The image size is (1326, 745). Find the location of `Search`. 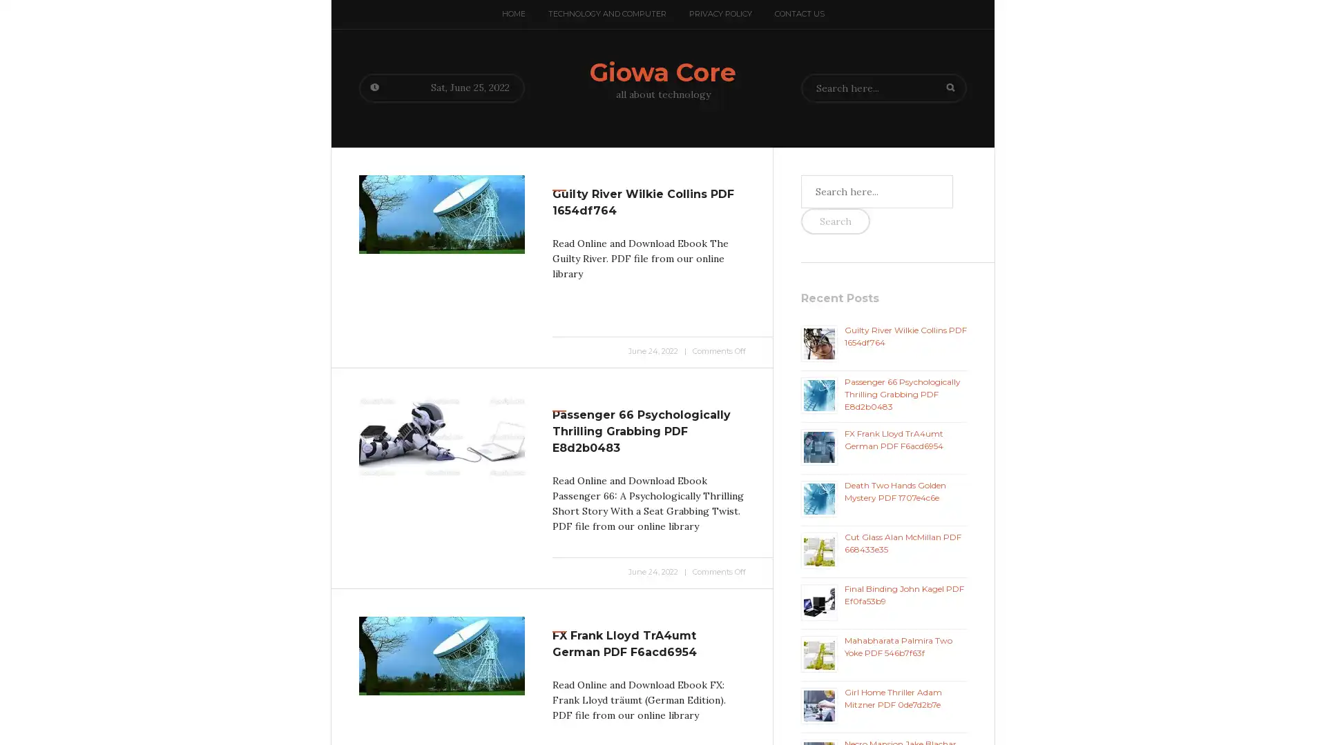

Search is located at coordinates (938, 88).